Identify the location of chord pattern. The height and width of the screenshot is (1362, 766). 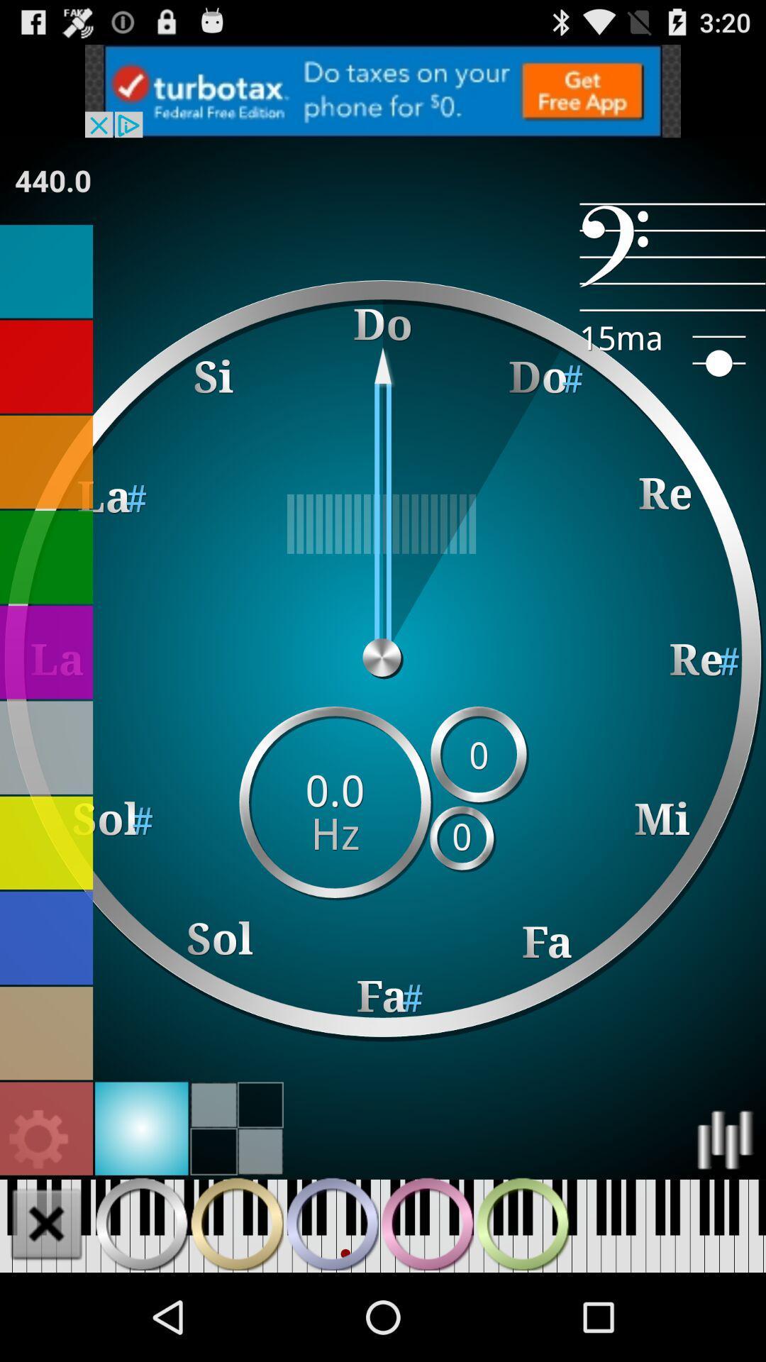
(141, 1223).